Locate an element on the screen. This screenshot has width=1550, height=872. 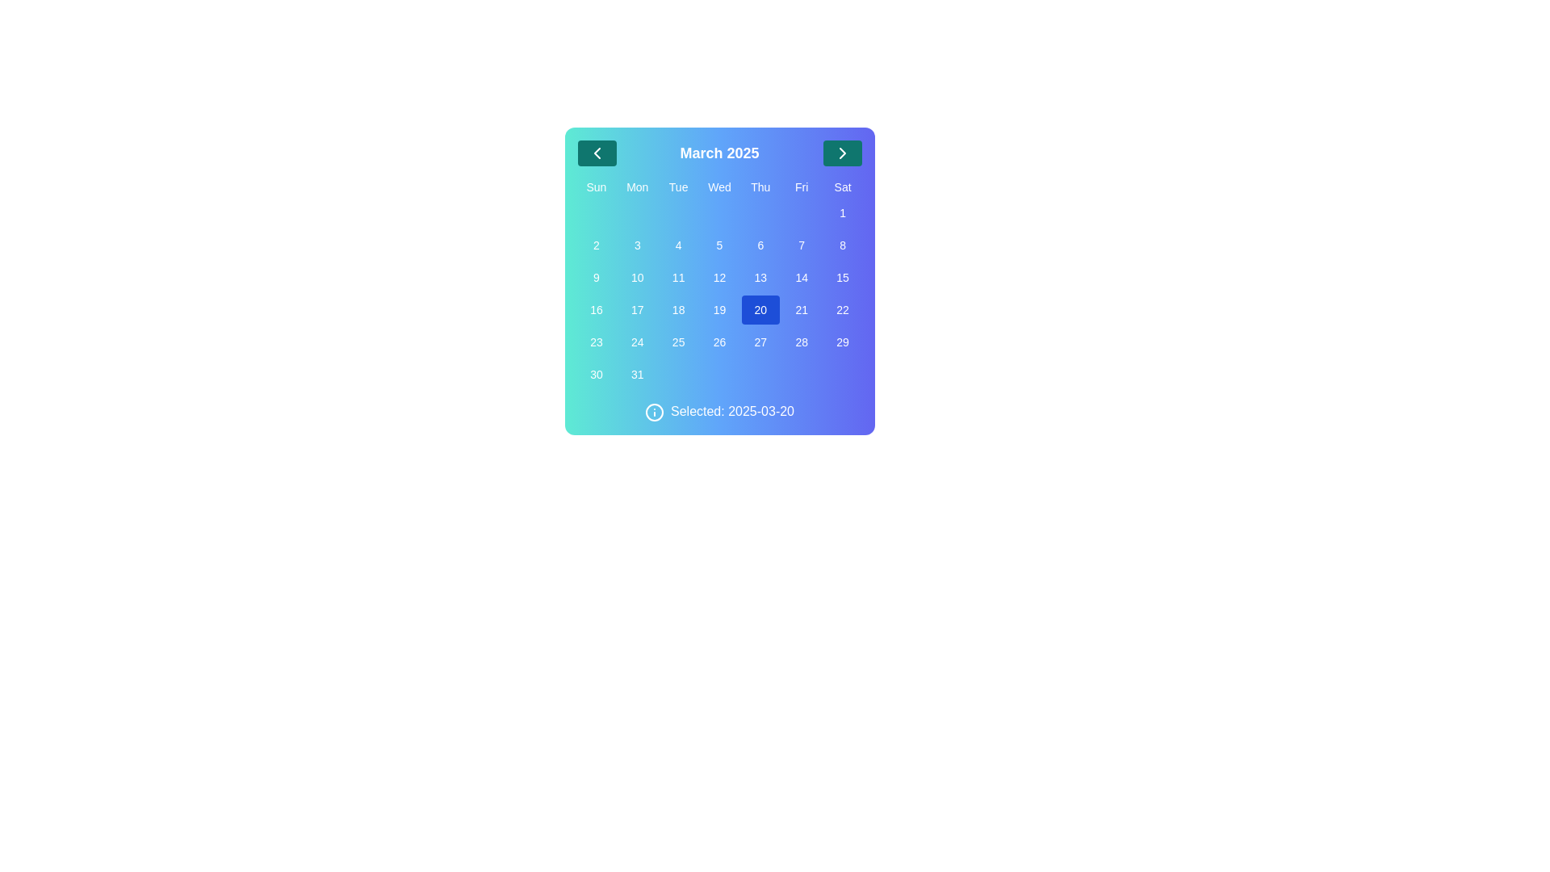
the button displaying the number '5' in the fourth column of the second row of the calendar grid is located at coordinates (718, 245).